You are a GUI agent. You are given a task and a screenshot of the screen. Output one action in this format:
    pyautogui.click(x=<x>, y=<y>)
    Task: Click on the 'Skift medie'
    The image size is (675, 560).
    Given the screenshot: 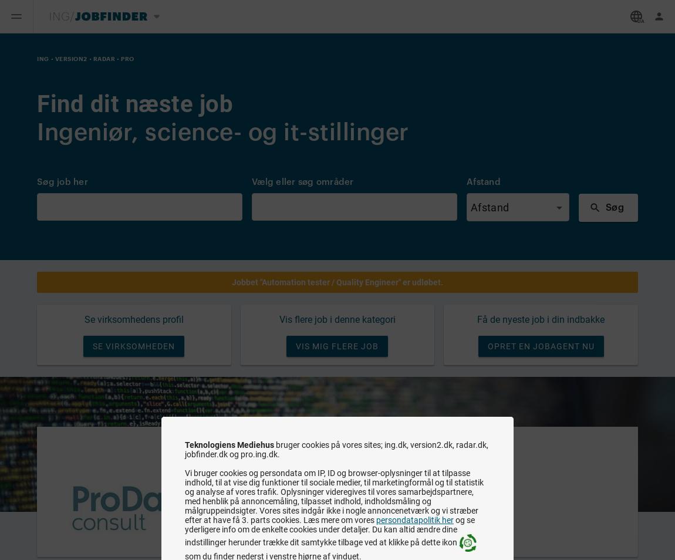 What is the action you would take?
    pyautogui.click(x=150, y=38)
    